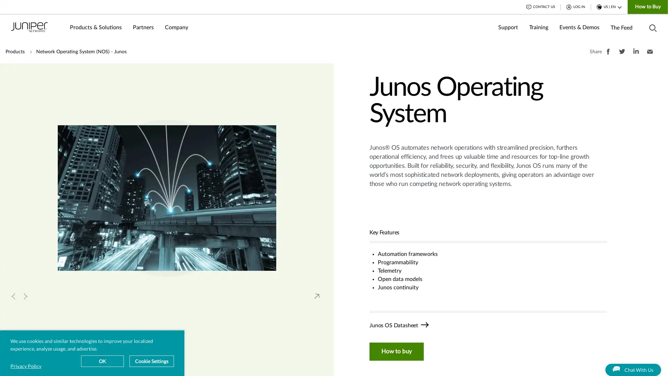  What do you see at coordinates (622, 362) in the screenshot?
I see `Live chat: Chat With UsChat With Us` at bounding box center [622, 362].